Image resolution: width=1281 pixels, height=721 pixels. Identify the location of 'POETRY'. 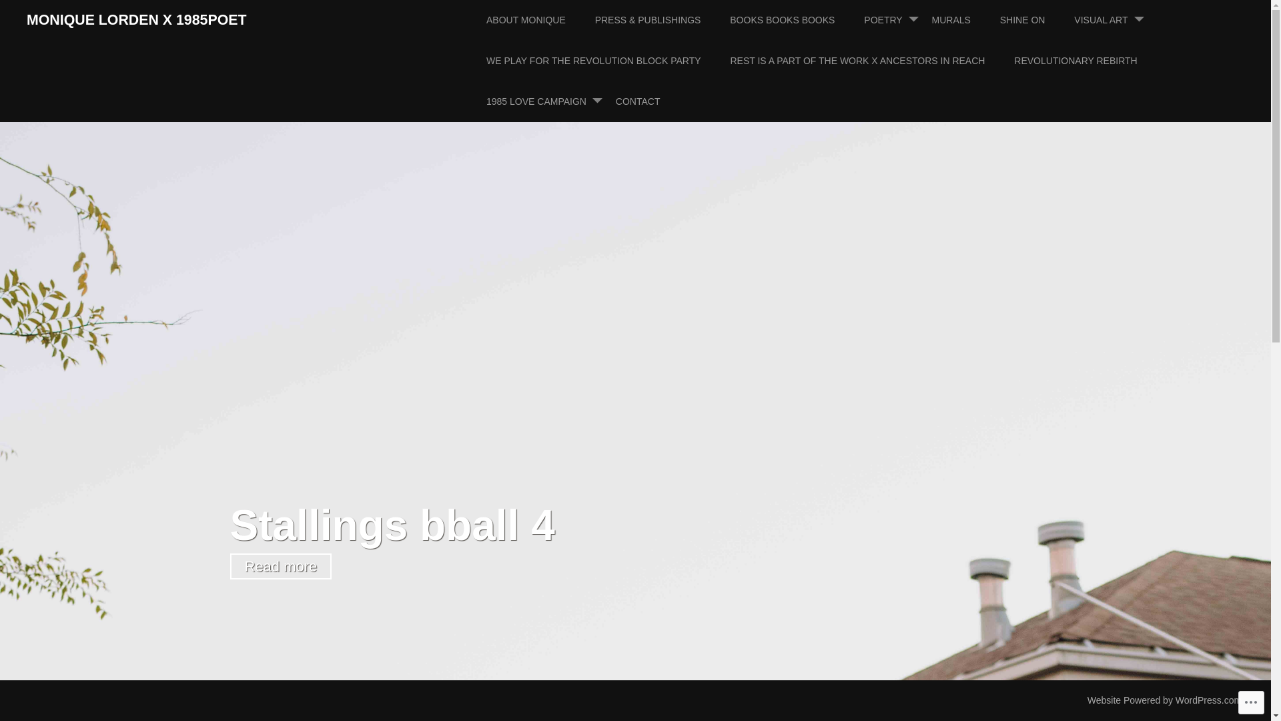
(896, 20).